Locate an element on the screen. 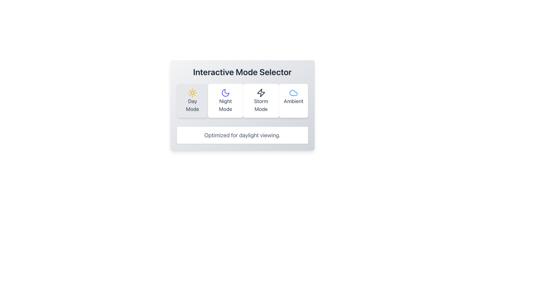  the 'Storm Mode' button, which is a rectangular button with a white background, rounded corners, a lightning bolt icon at the top, and the label 'Storm Mode' underneath is located at coordinates (261, 101).